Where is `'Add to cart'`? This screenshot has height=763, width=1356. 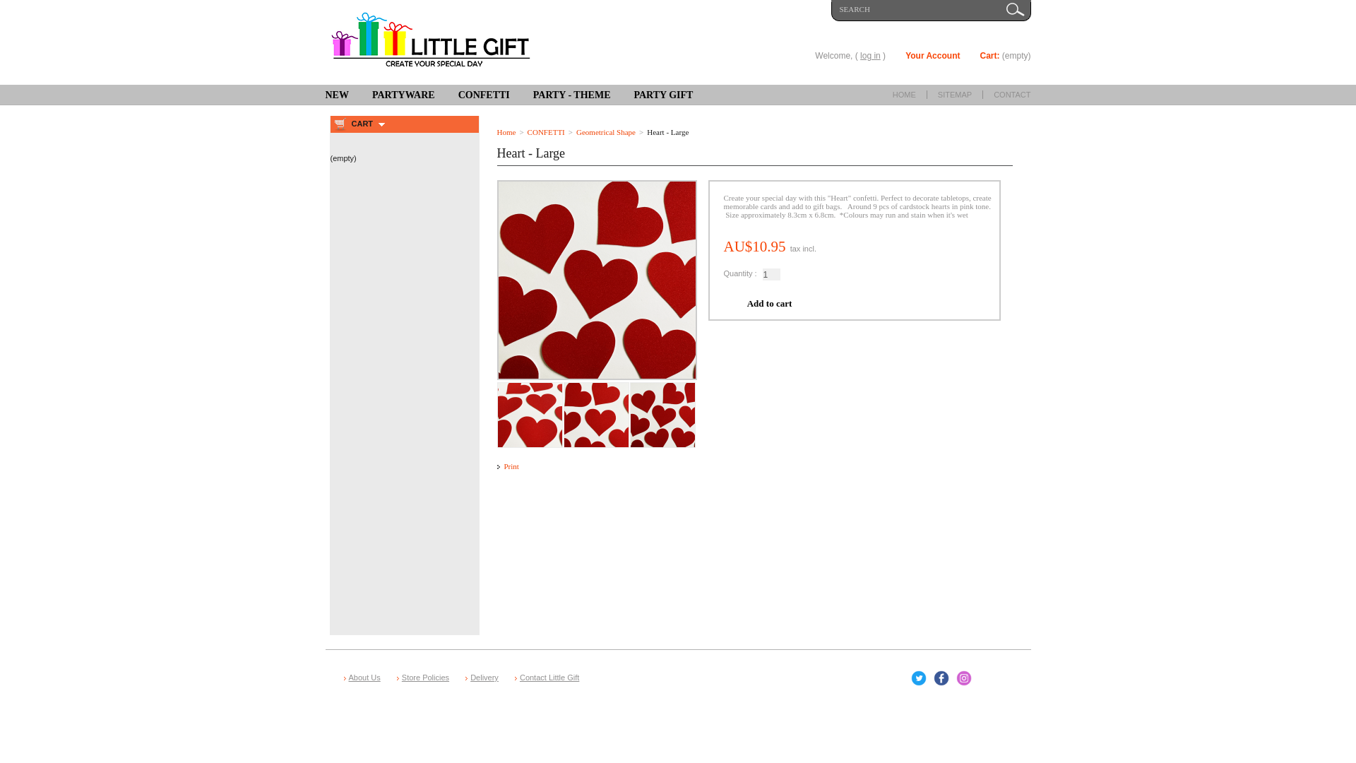 'Add to cart' is located at coordinates (768, 303).